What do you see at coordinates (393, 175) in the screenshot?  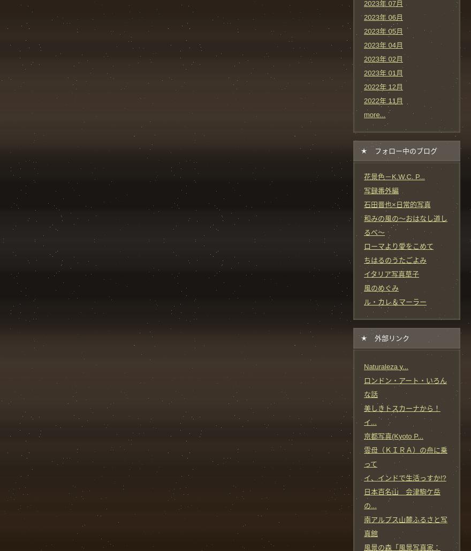 I see `'花景色－K.W.C. P...'` at bounding box center [393, 175].